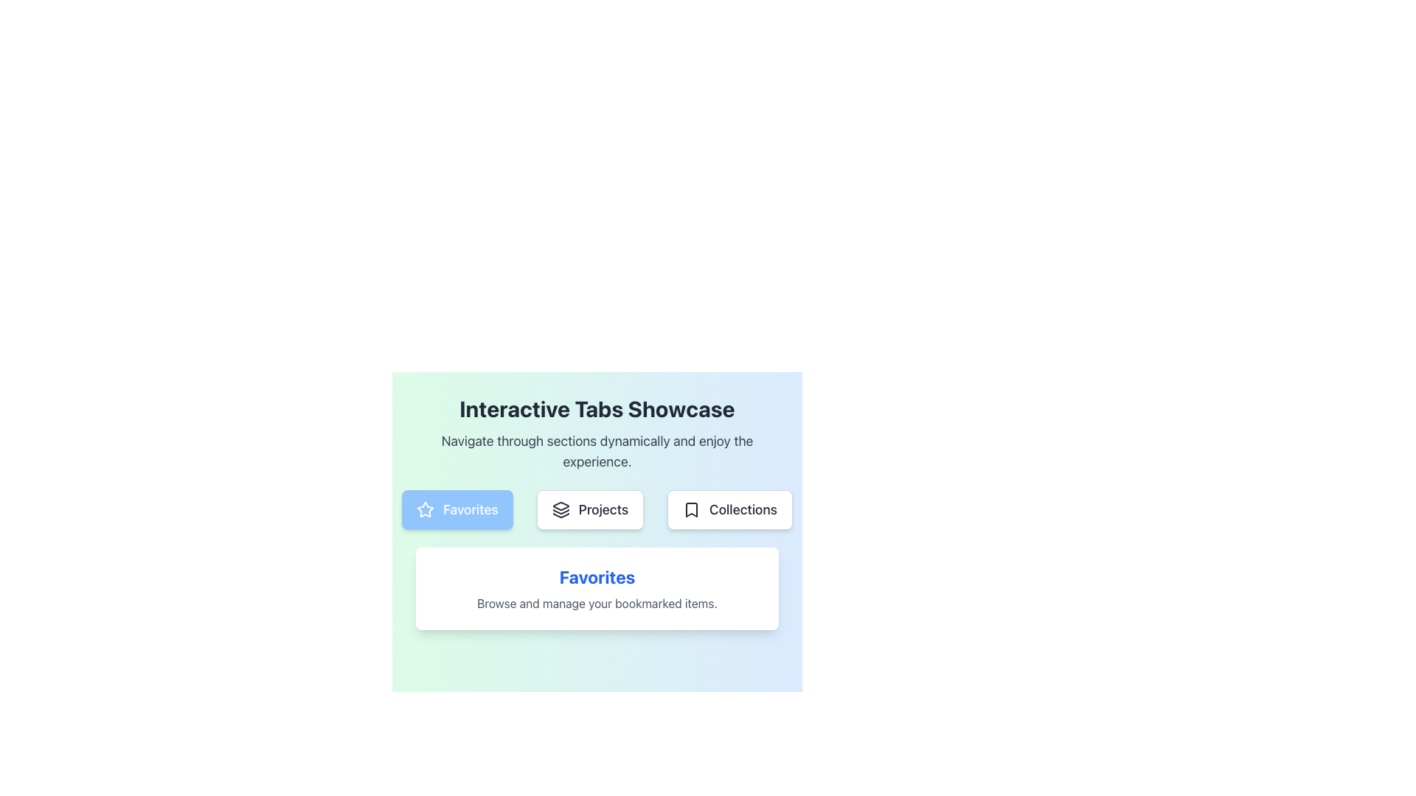 The width and height of the screenshot is (1416, 796). Describe the element at coordinates (470, 509) in the screenshot. I see `the button surrounding the 'Favorites' text label` at that location.